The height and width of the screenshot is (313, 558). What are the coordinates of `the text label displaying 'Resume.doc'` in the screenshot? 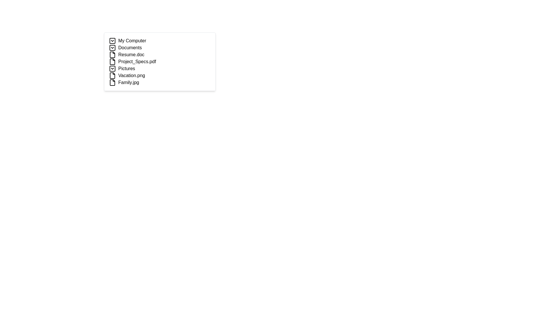 It's located at (131, 55).